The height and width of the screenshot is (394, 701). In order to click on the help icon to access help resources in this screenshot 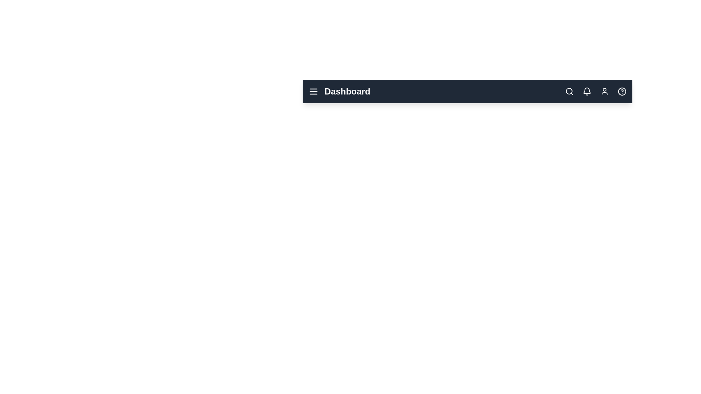, I will do `click(622, 91)`.